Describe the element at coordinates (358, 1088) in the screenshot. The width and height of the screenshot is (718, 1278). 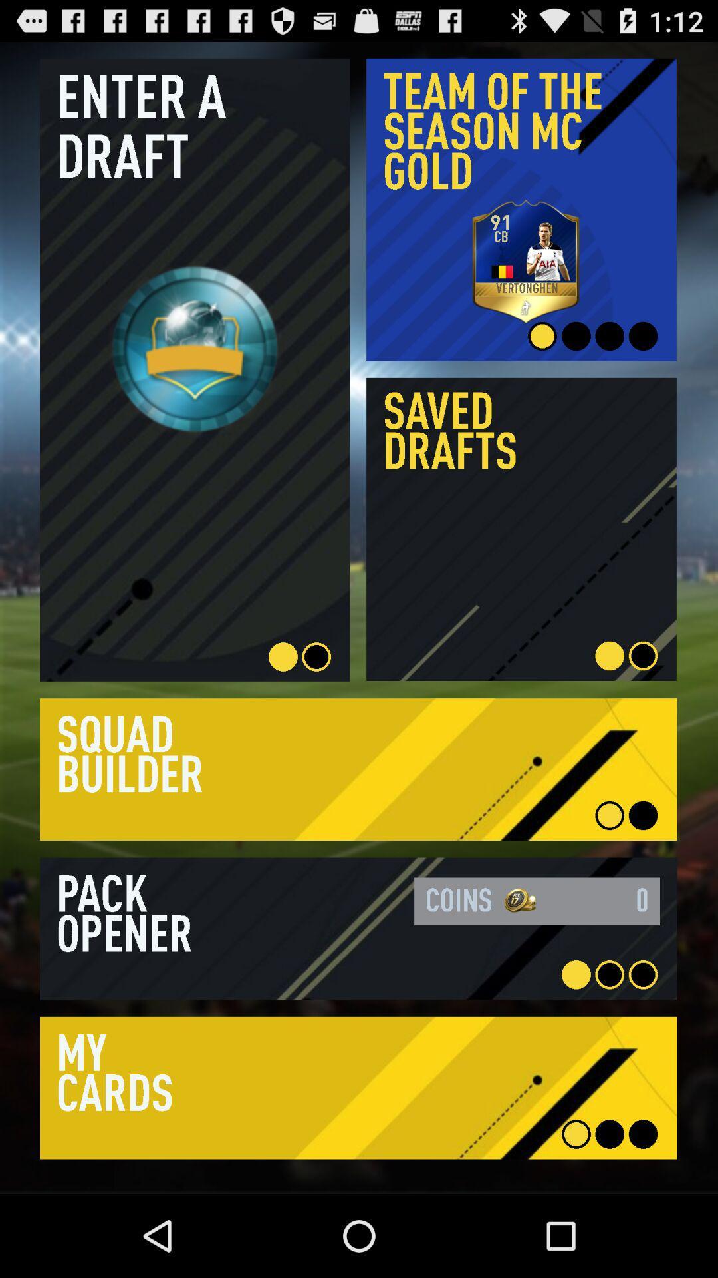
I see `open details of subject` at that location.